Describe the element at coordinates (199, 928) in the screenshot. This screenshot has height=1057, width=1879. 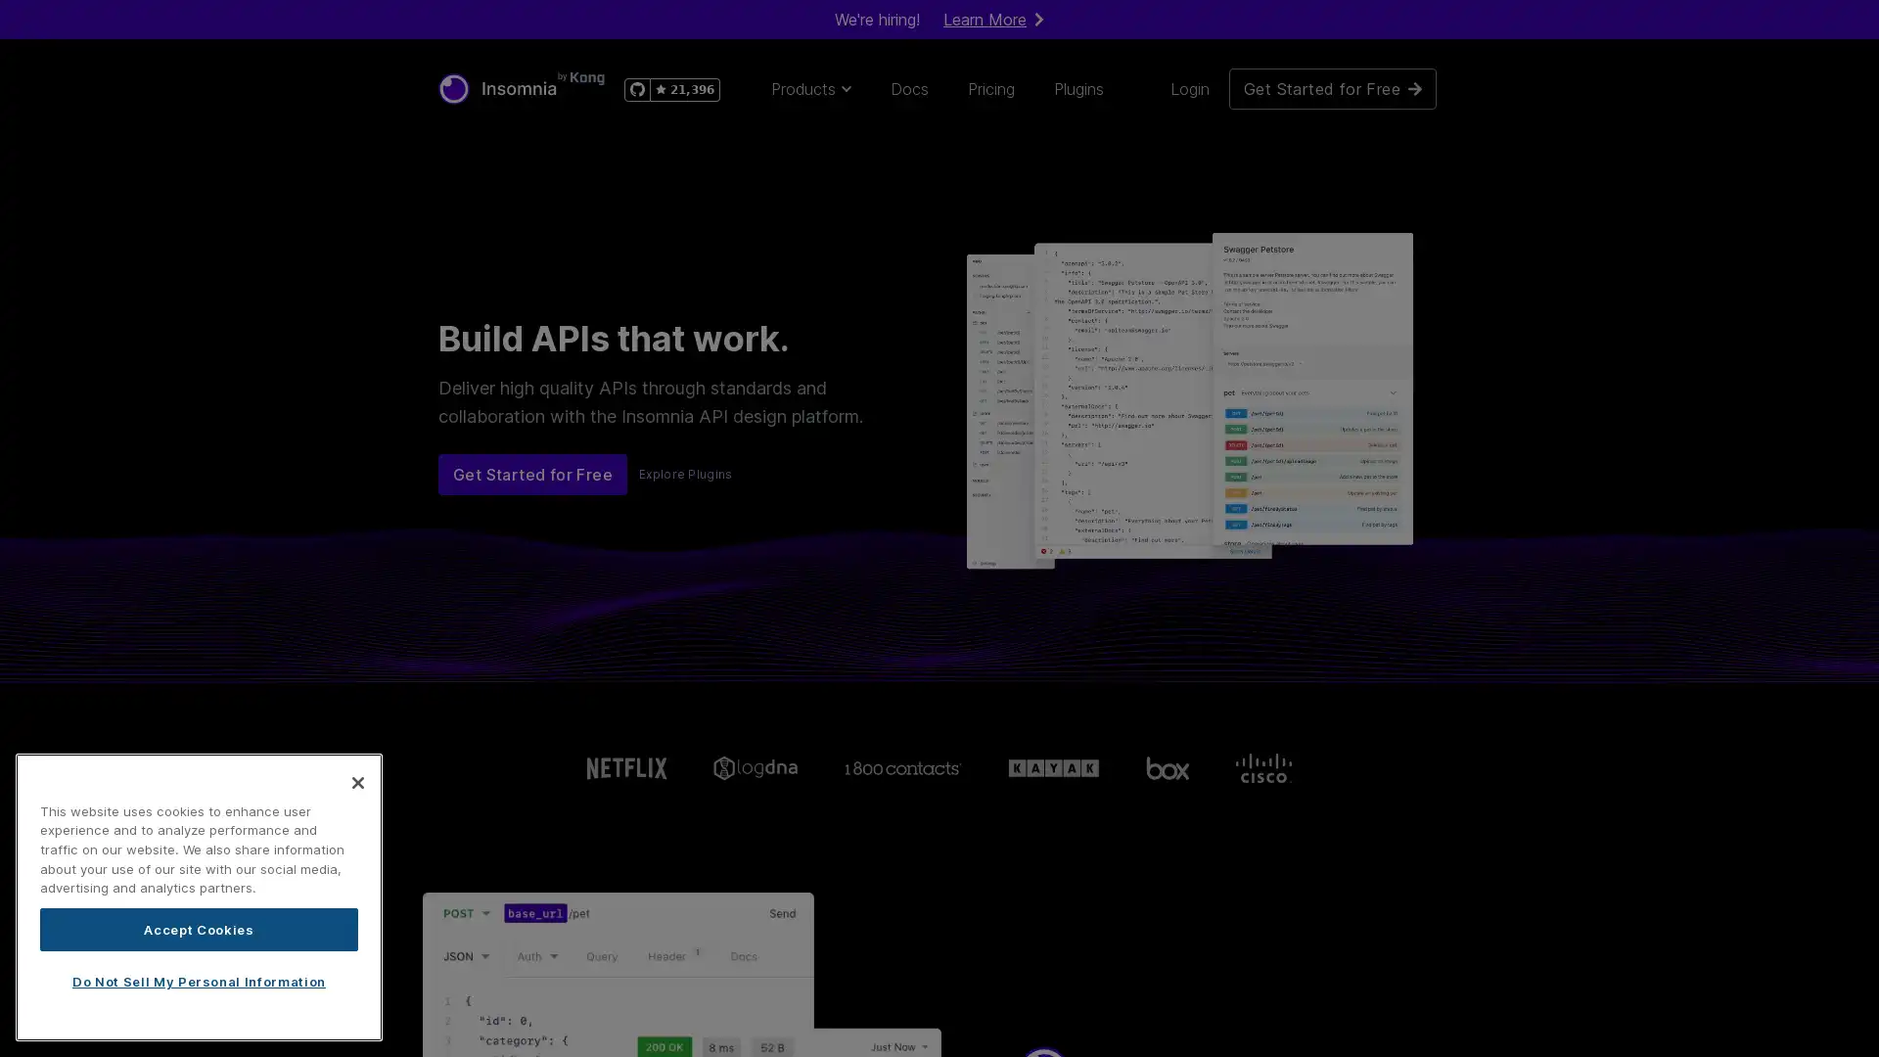
I see `Accept Cookies` at that location.